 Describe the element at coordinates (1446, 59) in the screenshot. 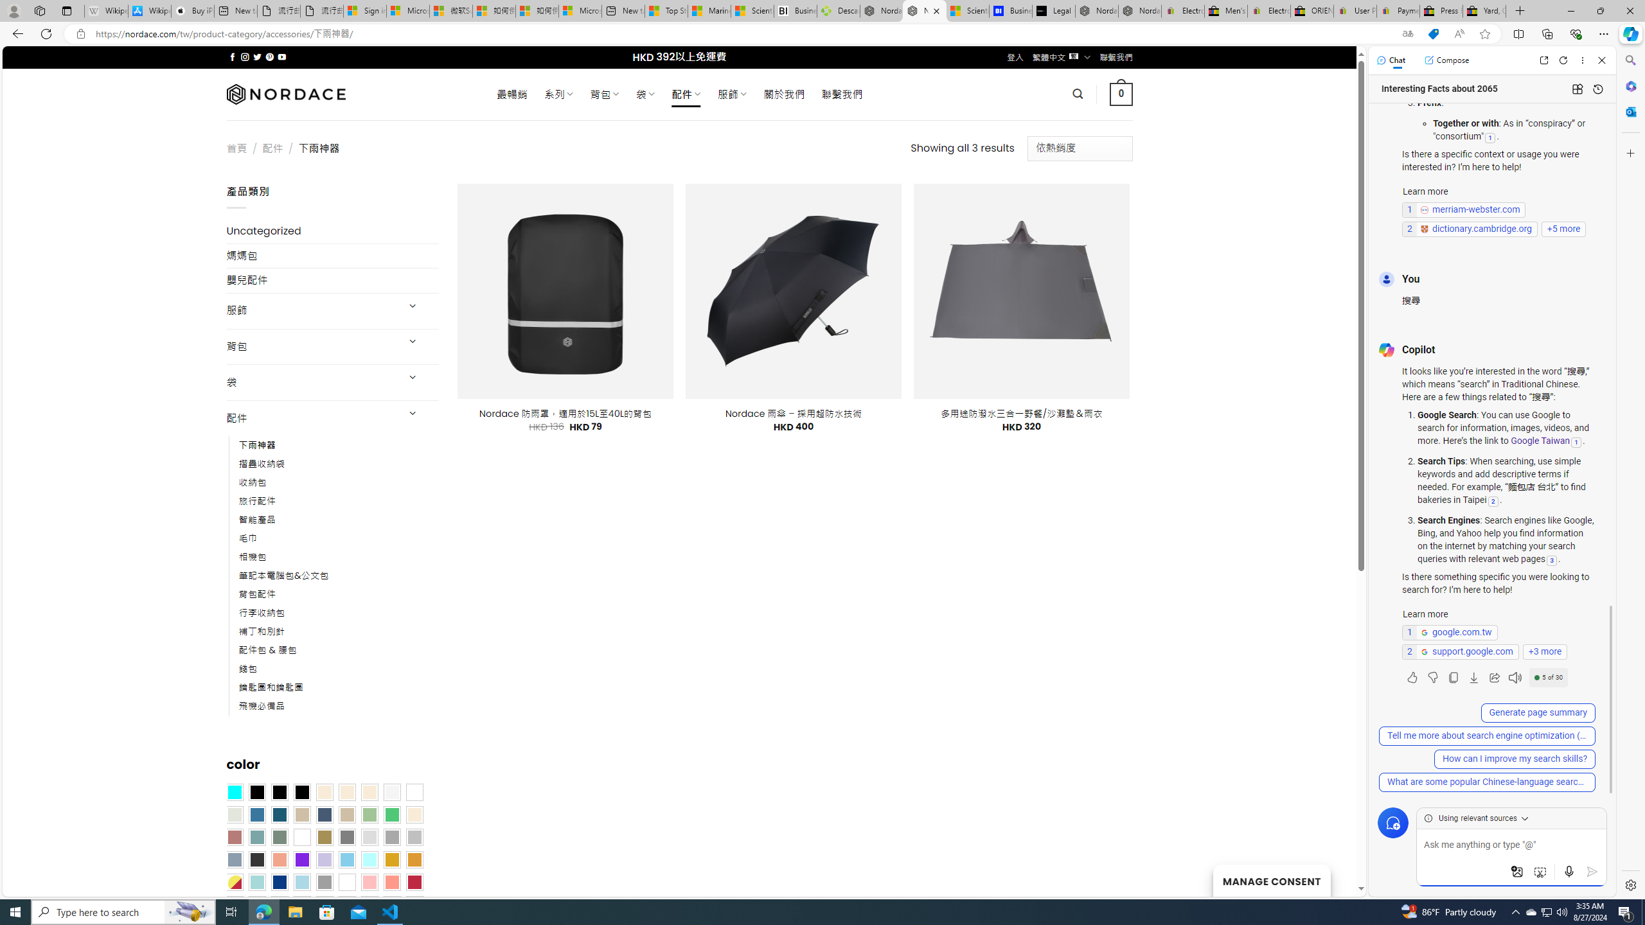

I see `'Compose'` at that location.